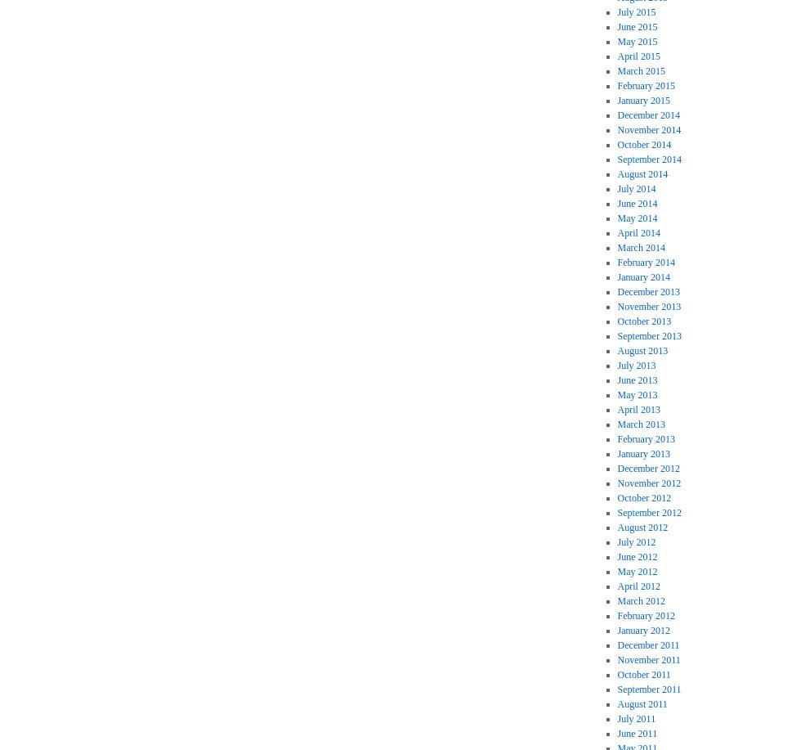 This screenshot has height=750, width=801. What do you see at coordinates (638, 233) in the screenshot?
I see `'April 2014'` at bounding box center [638, 233].